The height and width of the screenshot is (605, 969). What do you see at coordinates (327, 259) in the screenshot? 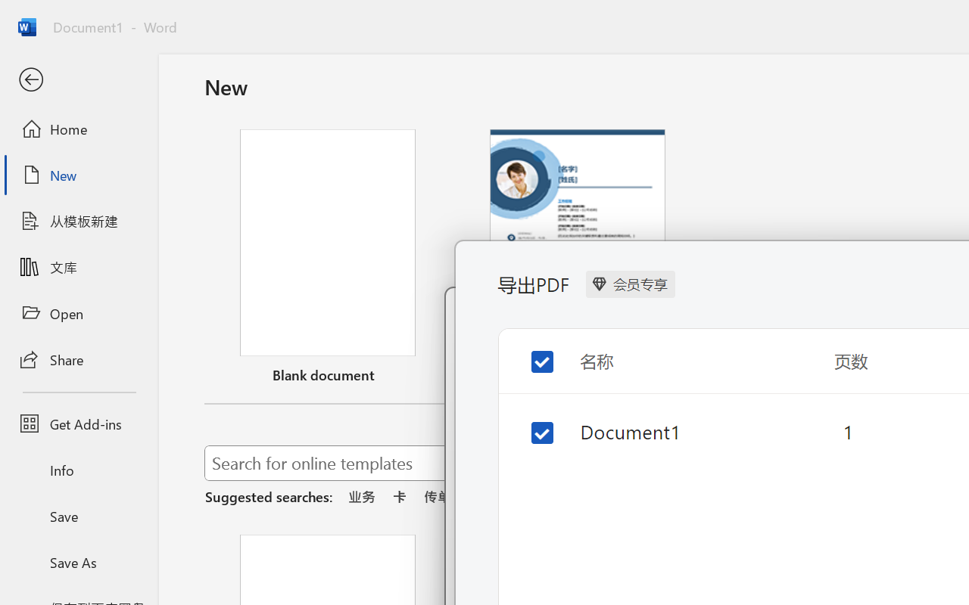
I see `'Blank document'` at bounding box center [327, 259].